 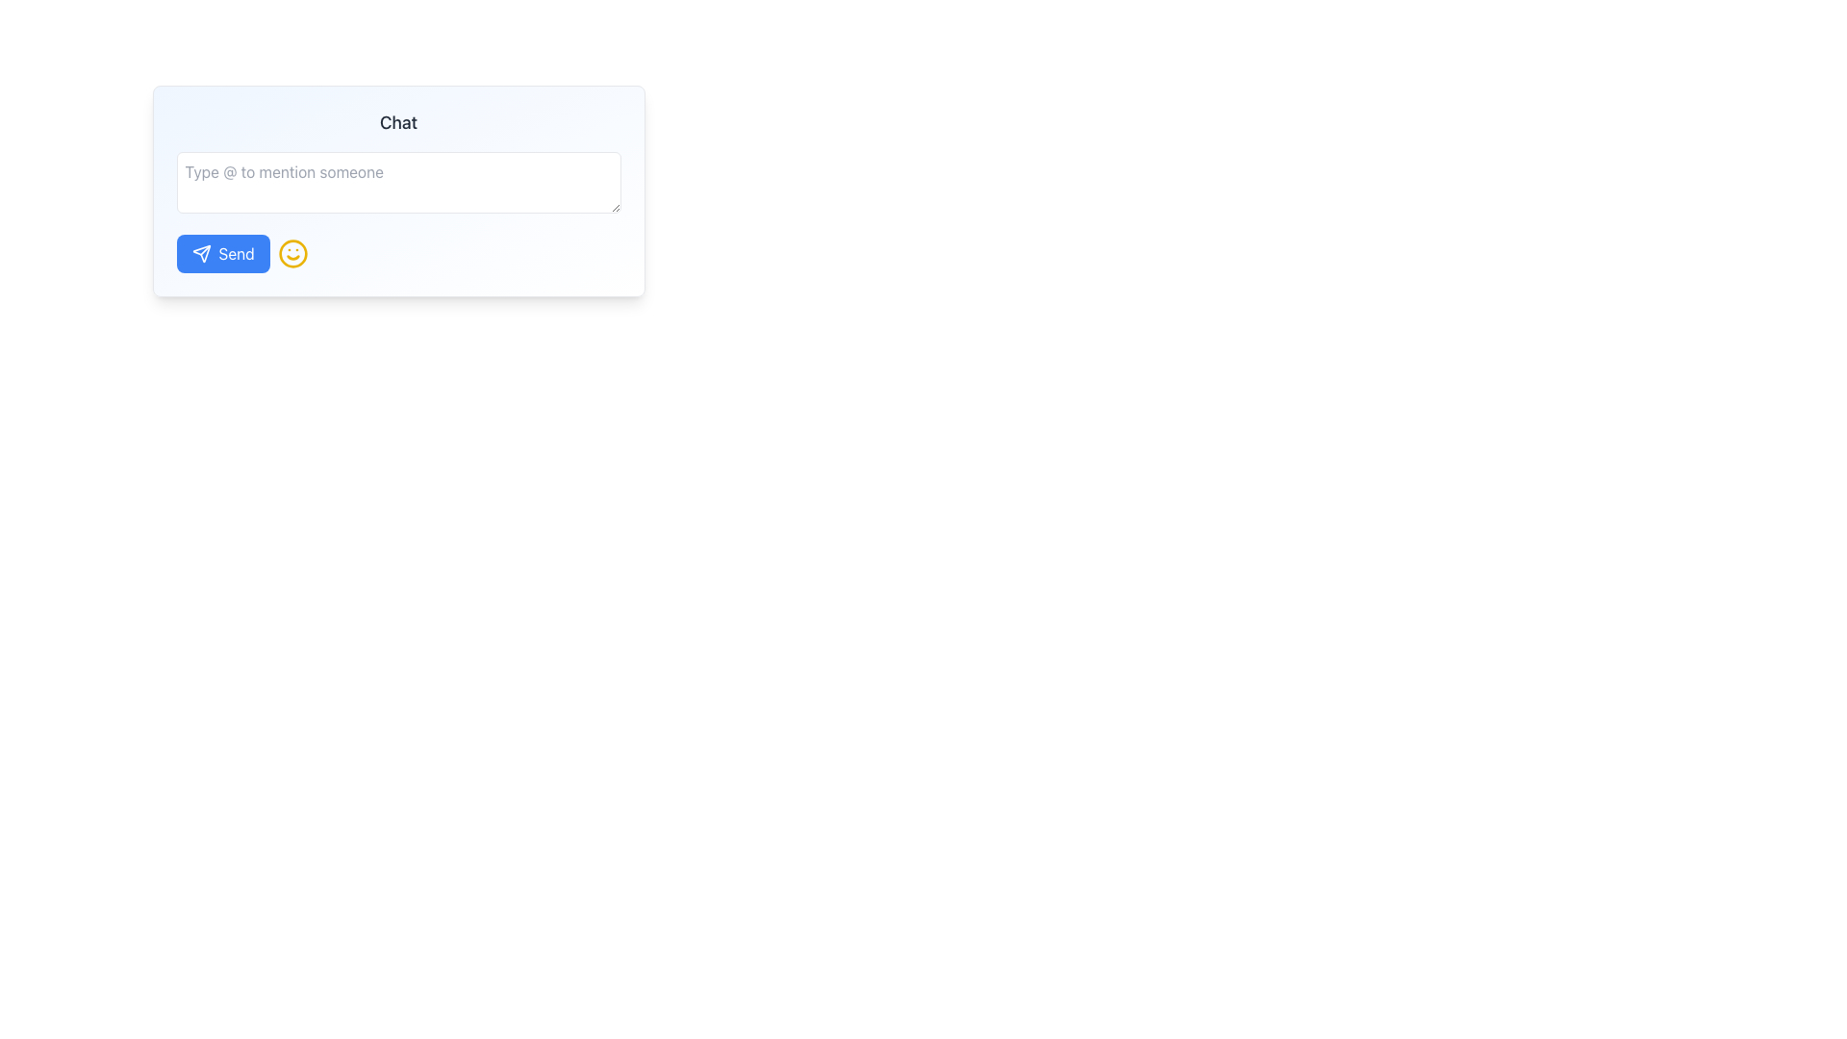 What do you see at coordinates (223, 252) in the screenshot?
I see `the blue rounded rectangle button labeled 'Send' with a paper plane icon to trigger the hover effect` at bounding box center [223, 252].